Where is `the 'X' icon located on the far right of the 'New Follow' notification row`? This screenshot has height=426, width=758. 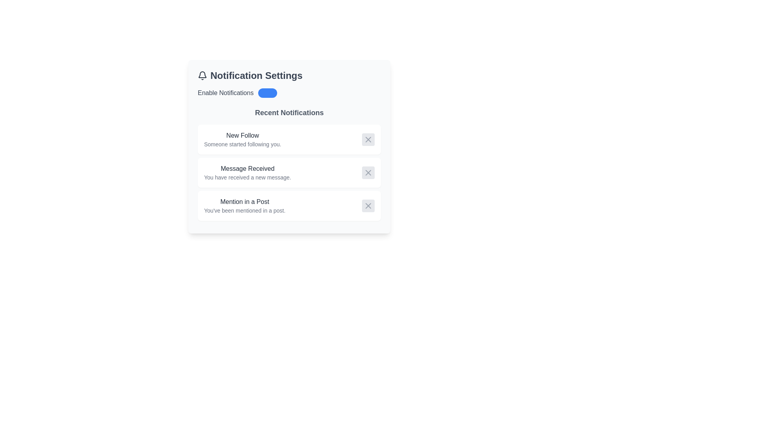
the 'X' icon located on the far right of the 'New Follow' notification row is located at coordinates (368, 139).